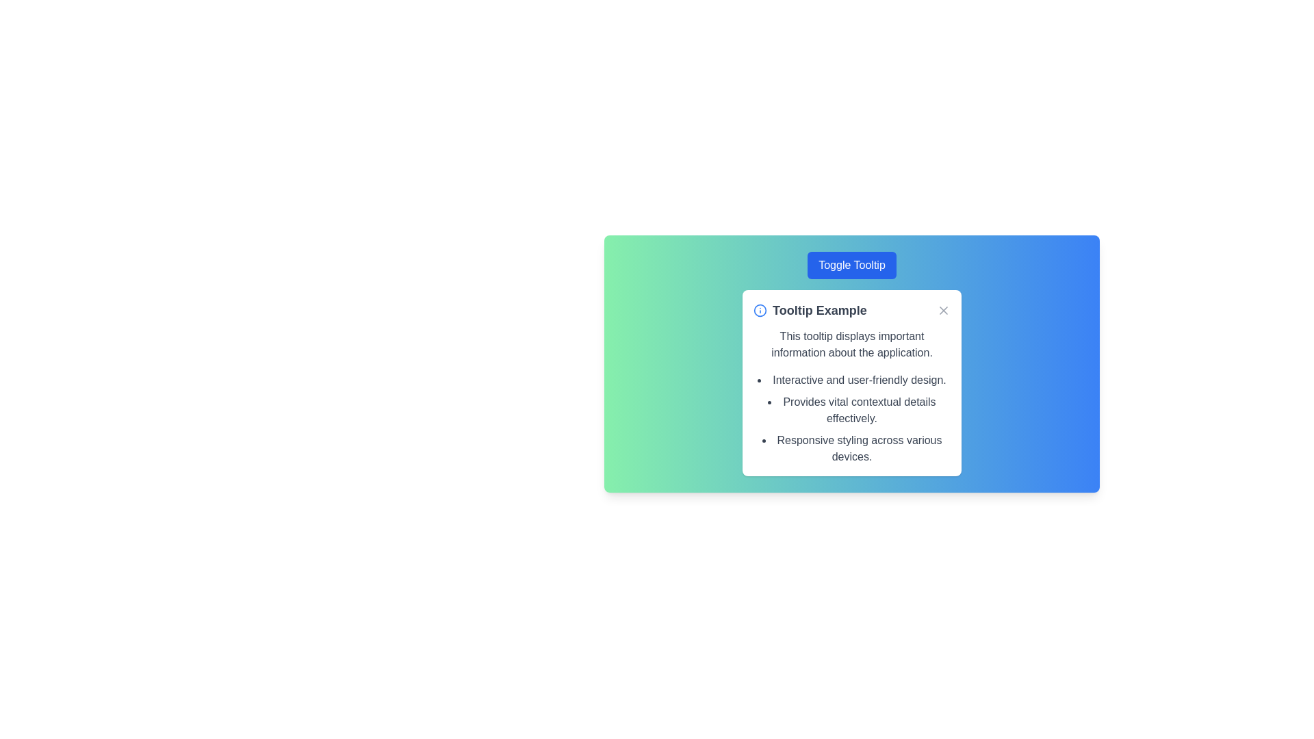  I want to click on the Bulleted List located within the tooltip titled 'Tooltip Example', positioned at the center-bottom of the tooltip, so click(851, 418).